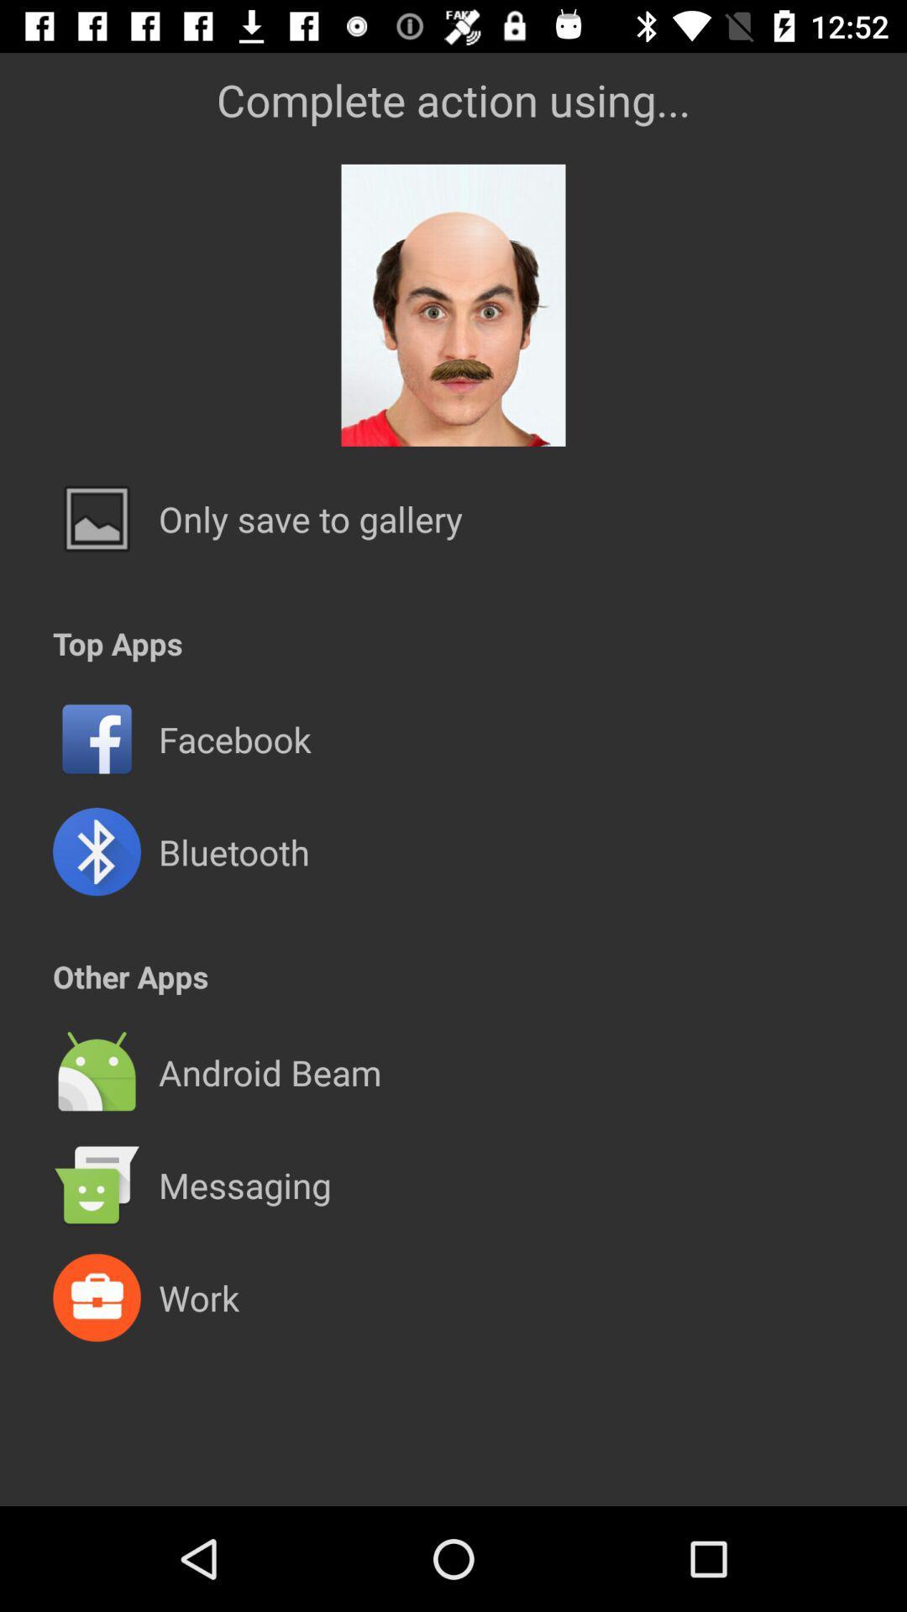 This screenshot has height=1612, width=907. Describe the element at coordinates (117, 642) in the screenshot. I see `the top apps app` at that location.